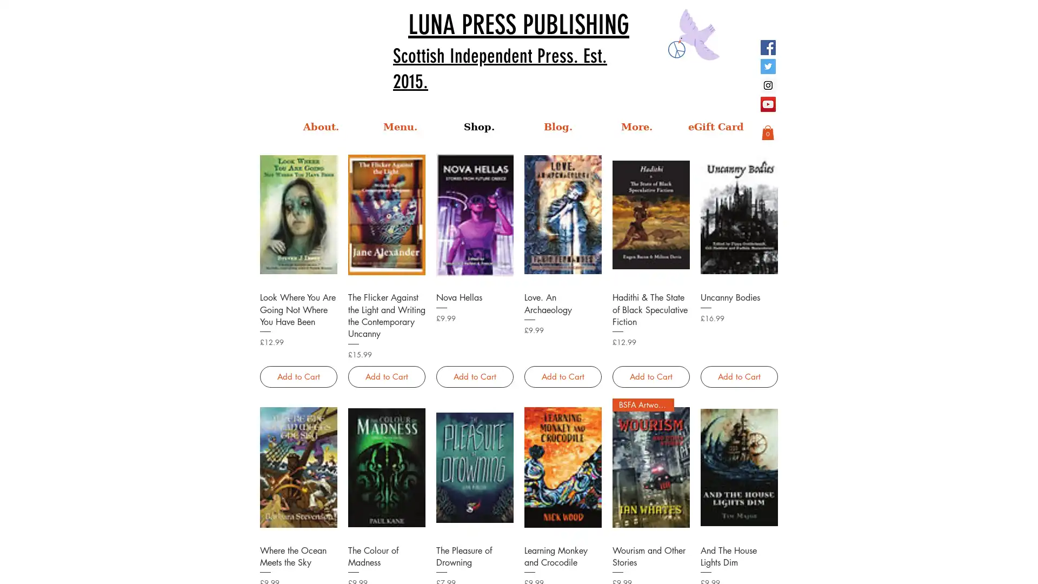  Describe the element at coordinates (298, 549) in the screenshot. I see `Quick View` at that location.